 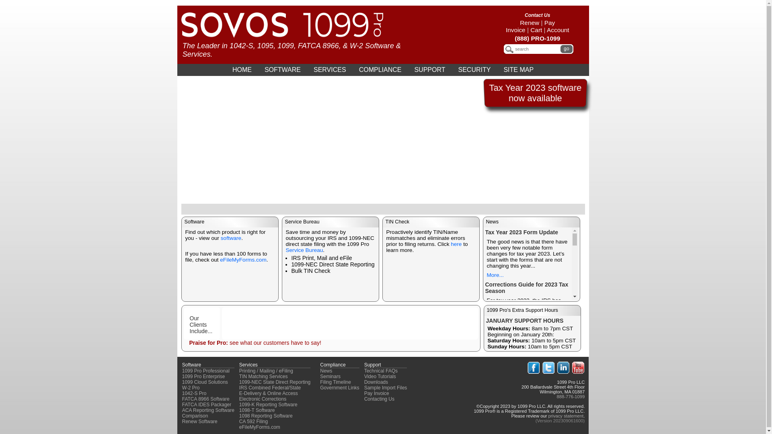 I want to click on 'software', so click(x=230, y=237).